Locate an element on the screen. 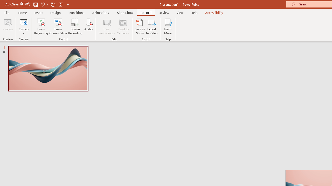  'Reset to Cameo' is located at coordinates (123, 27).